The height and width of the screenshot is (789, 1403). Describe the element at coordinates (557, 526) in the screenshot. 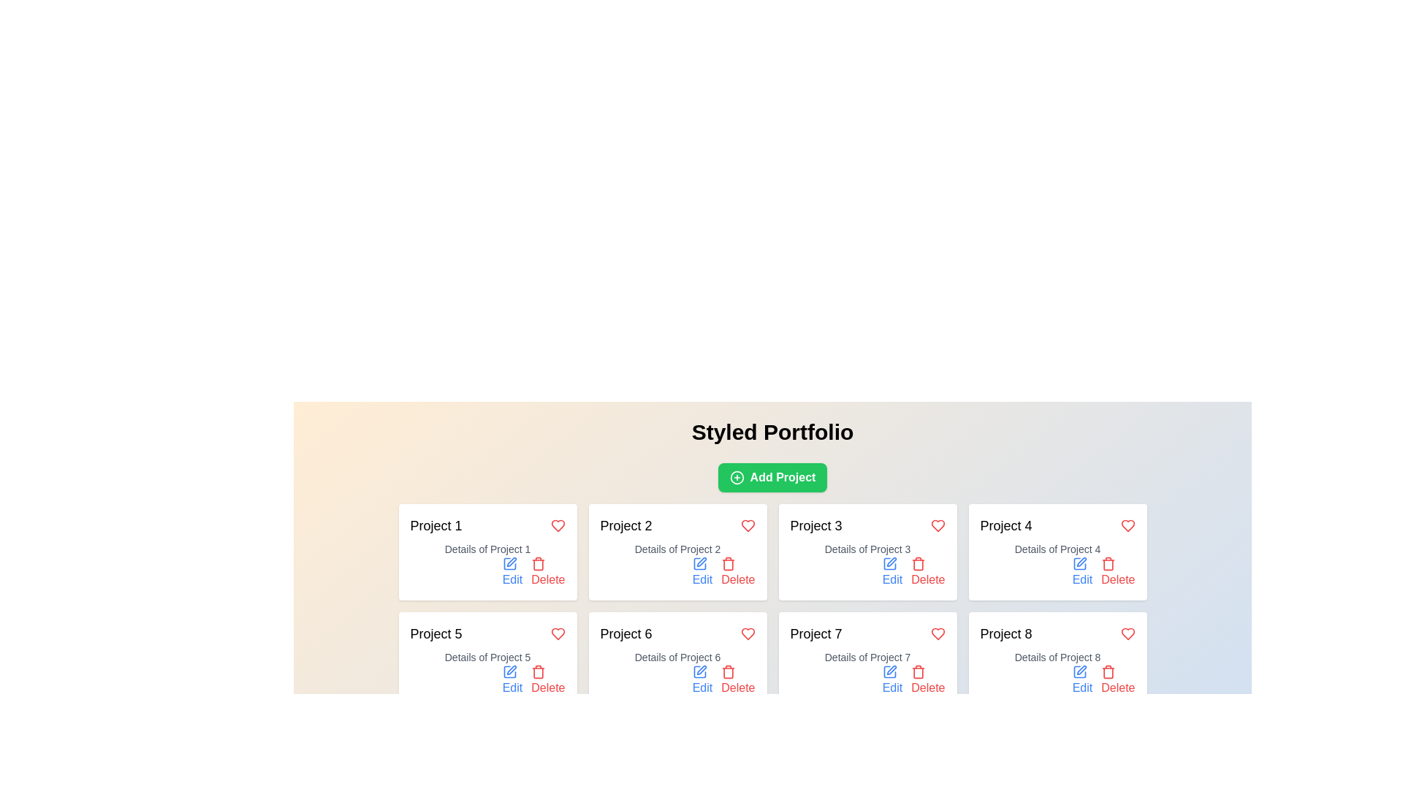

I see `the heart icon in the top-right corner of the 'Project 1' card` at that location.